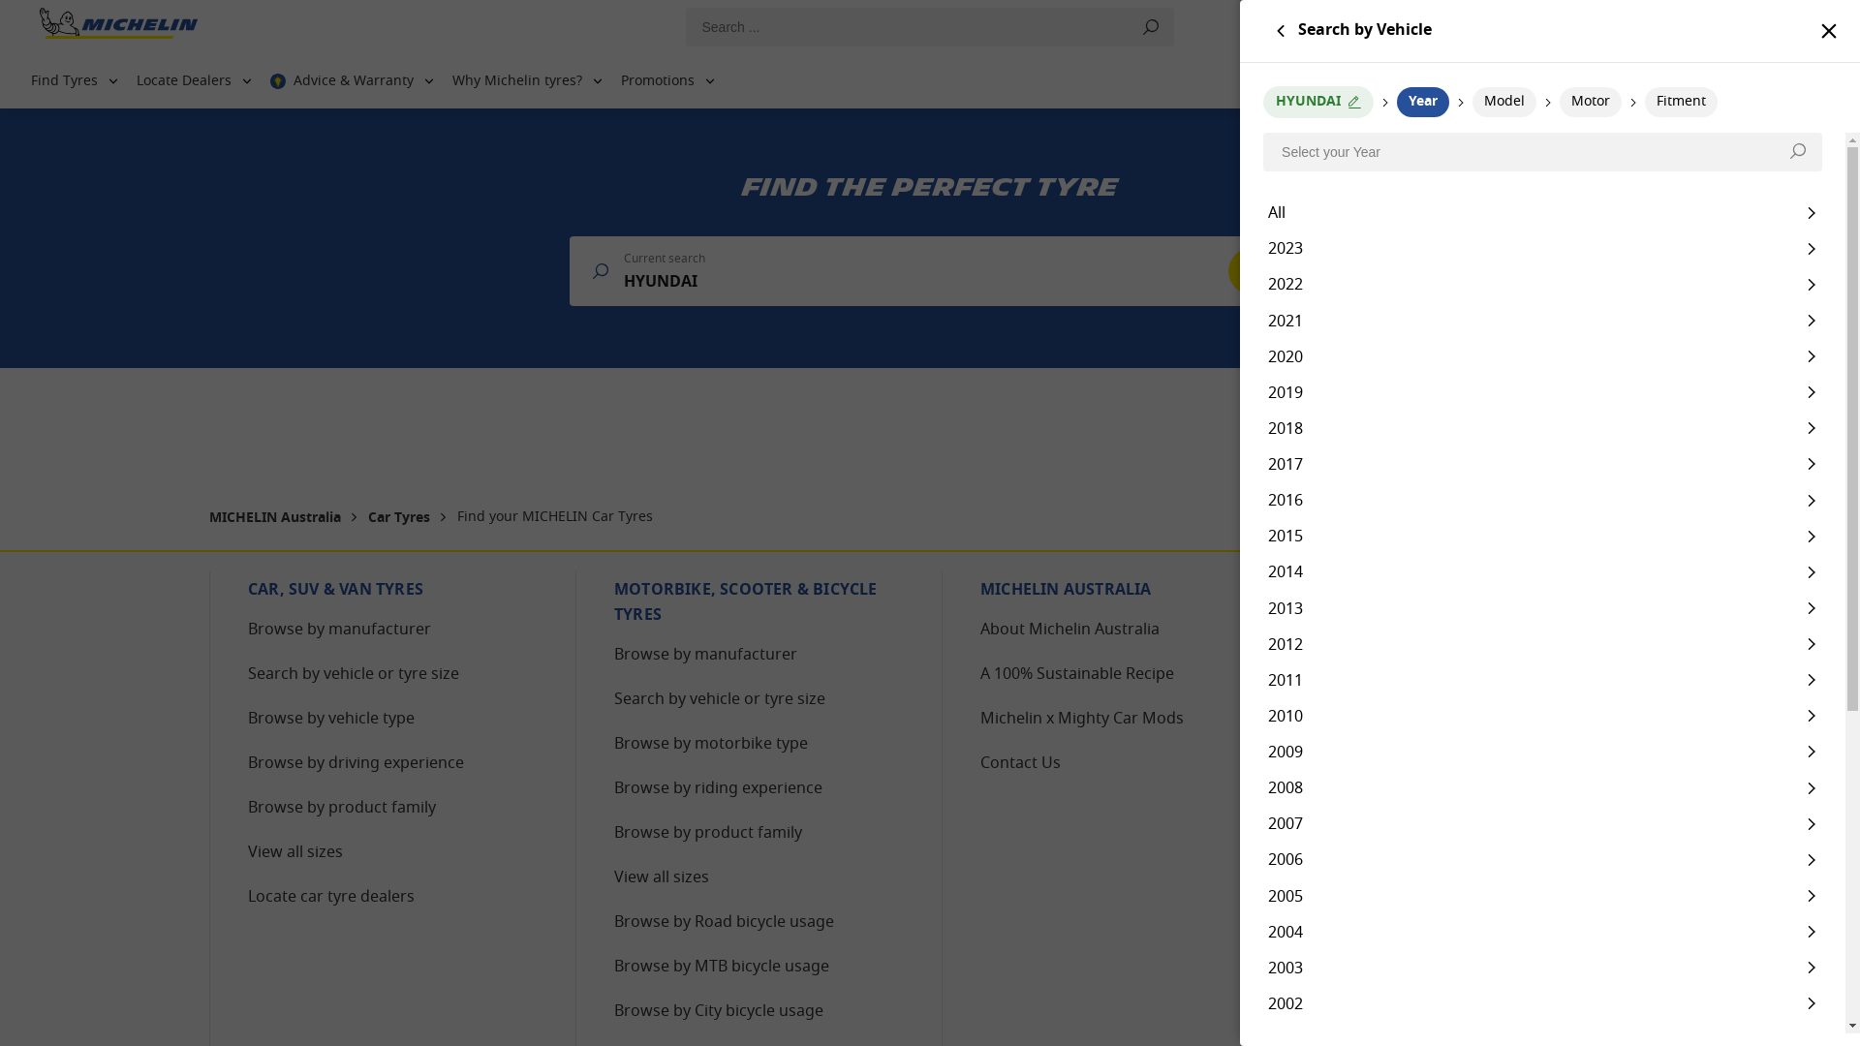 This screenshot has height=1046, width=1860. What do you see at coordinates (661, 877) in the screenshot?
I see `'View all sizes'` at bounding box center [661, 877].